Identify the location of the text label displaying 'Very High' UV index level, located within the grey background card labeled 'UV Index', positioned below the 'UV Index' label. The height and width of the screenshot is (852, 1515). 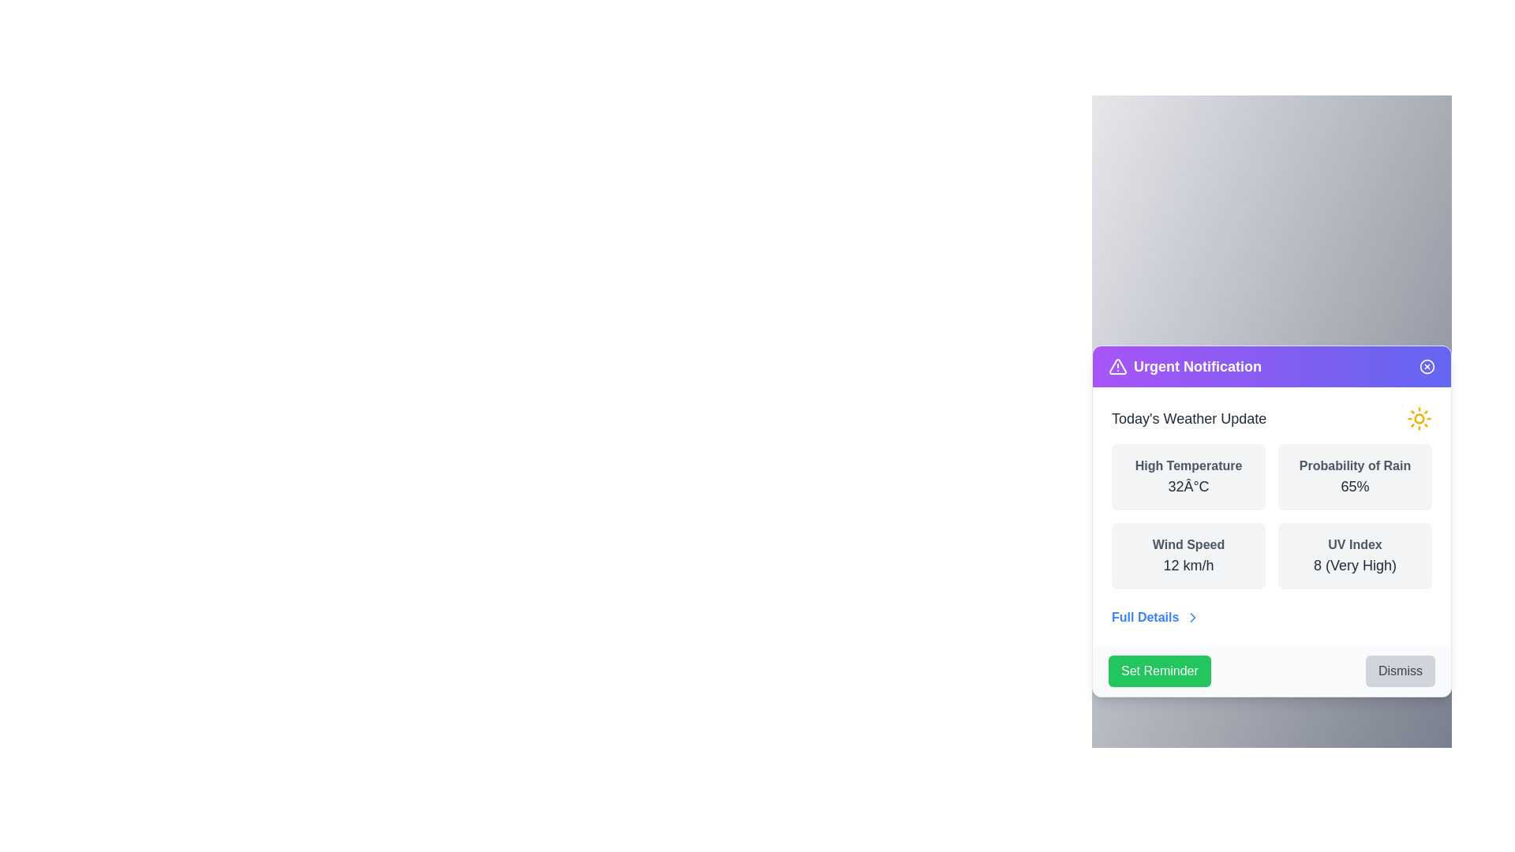
(1354, 565).